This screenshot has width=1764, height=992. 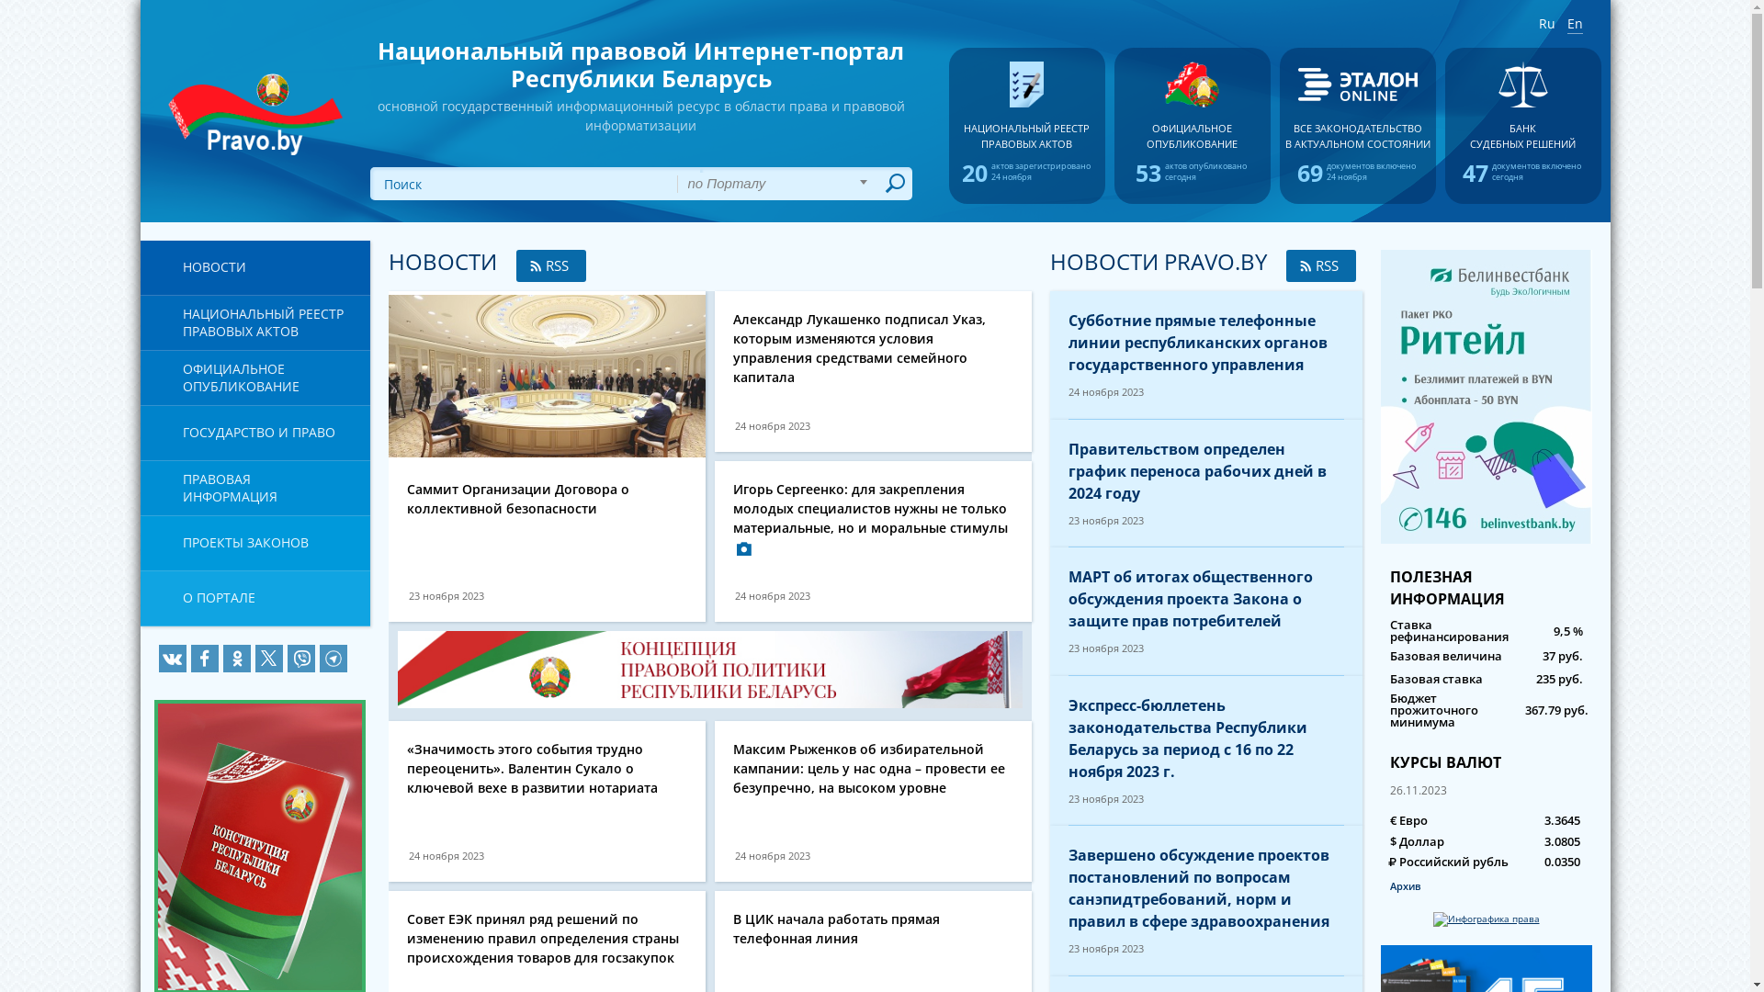 I want to click on 'Ru', so click(x=1545, y=24).